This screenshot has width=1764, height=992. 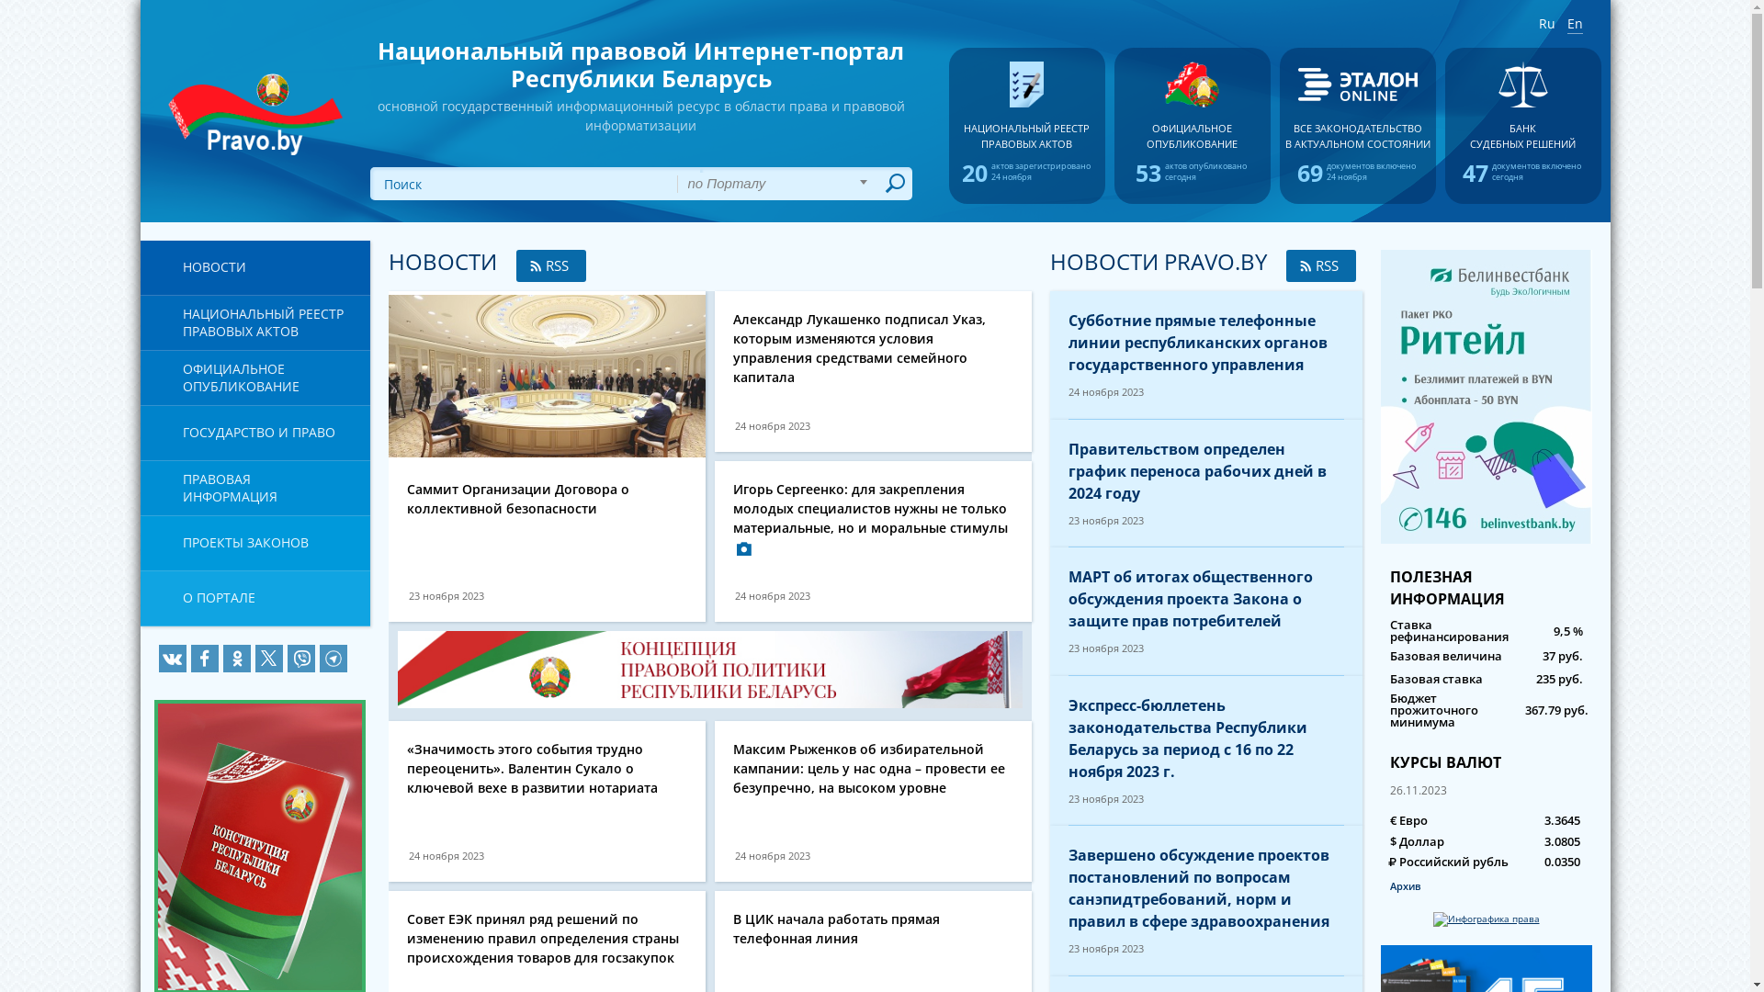 I want to click on 'Ru', so click(x=1545, y=24).